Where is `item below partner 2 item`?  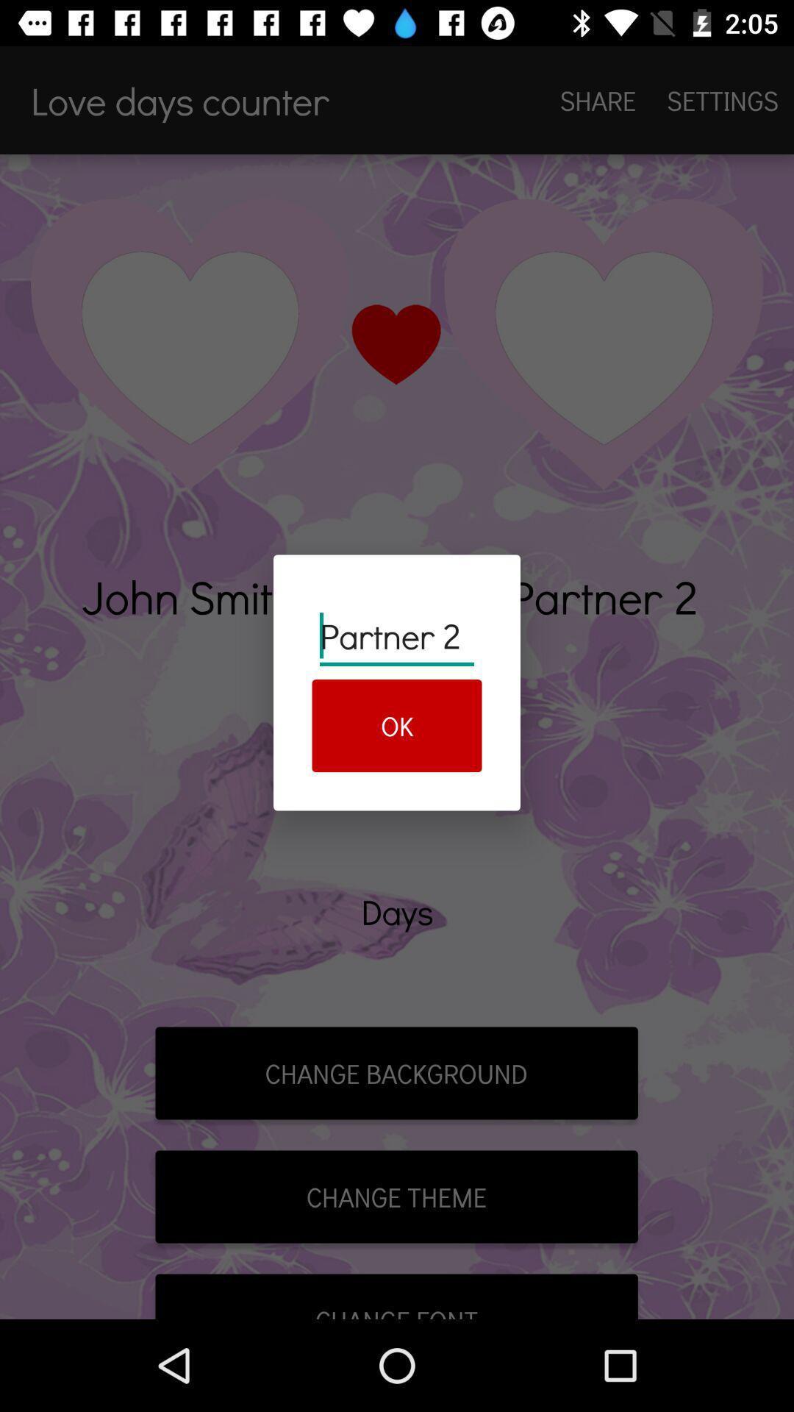
item below partner 2 item is located at coordinates (397, 726).